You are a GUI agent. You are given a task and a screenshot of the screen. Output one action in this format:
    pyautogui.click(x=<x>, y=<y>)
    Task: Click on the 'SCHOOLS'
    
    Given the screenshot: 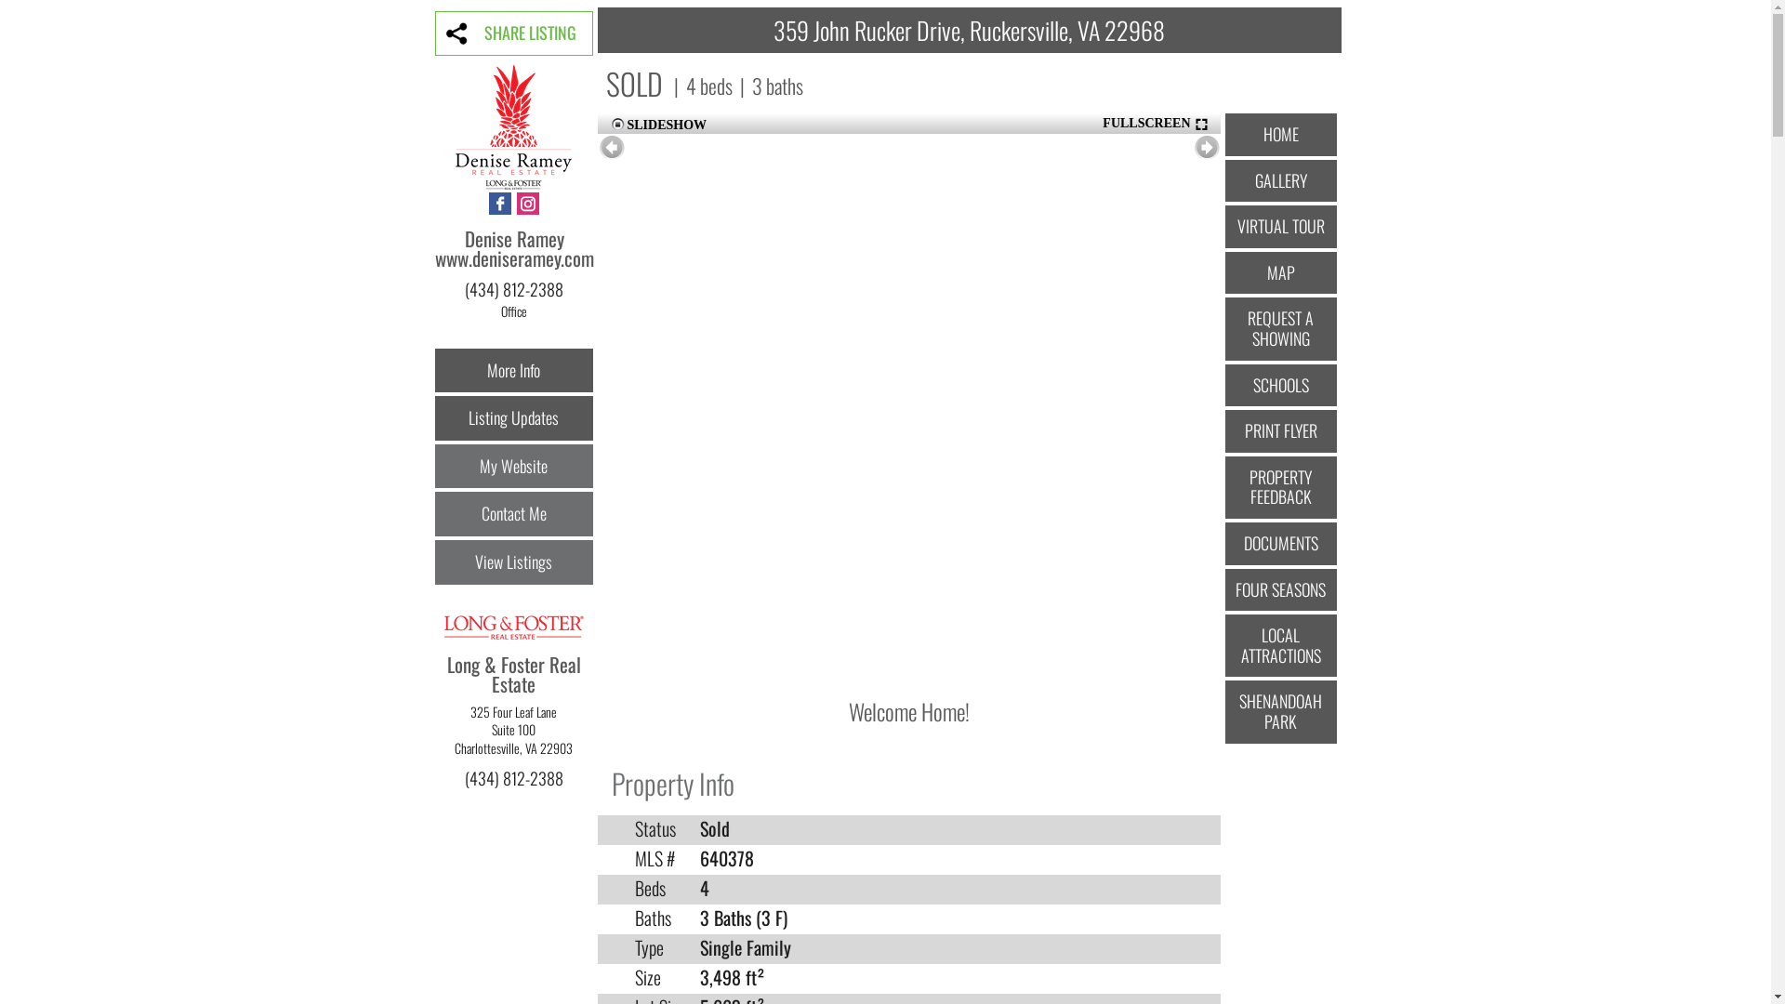 What is the action you would take?
    pyautogui.click(x=1225, y=385)
    